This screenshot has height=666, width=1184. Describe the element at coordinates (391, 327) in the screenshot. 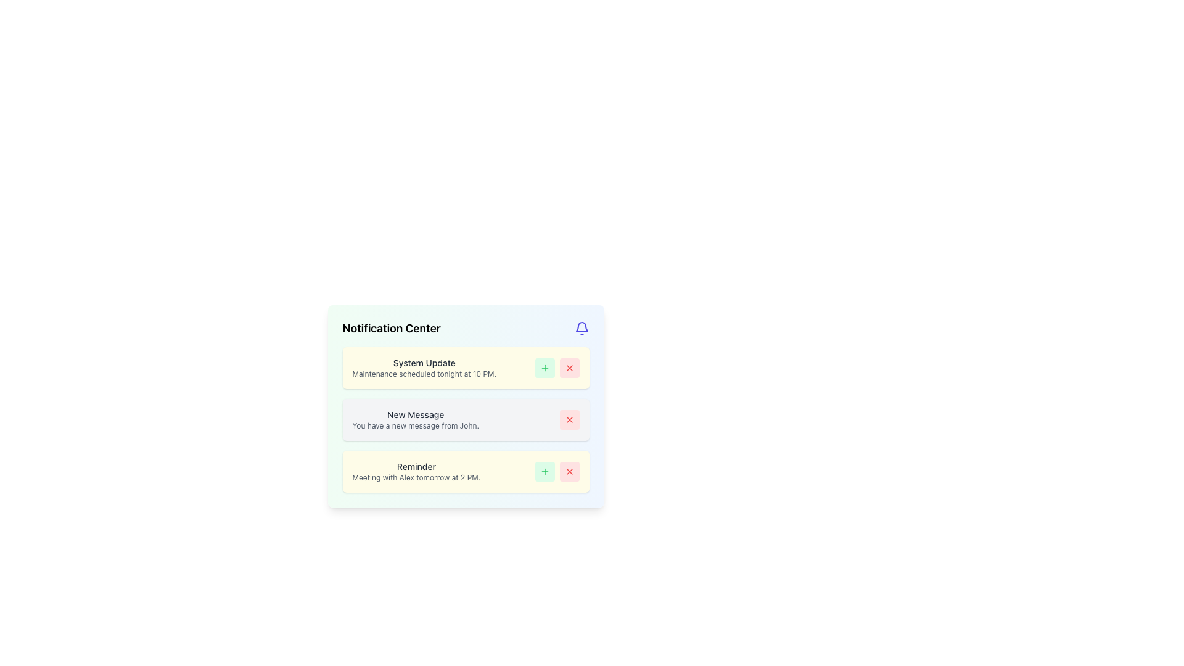

I see `the Text Label that serves as a header for the notification section, providing context to the user about the content displayed below` at that location.